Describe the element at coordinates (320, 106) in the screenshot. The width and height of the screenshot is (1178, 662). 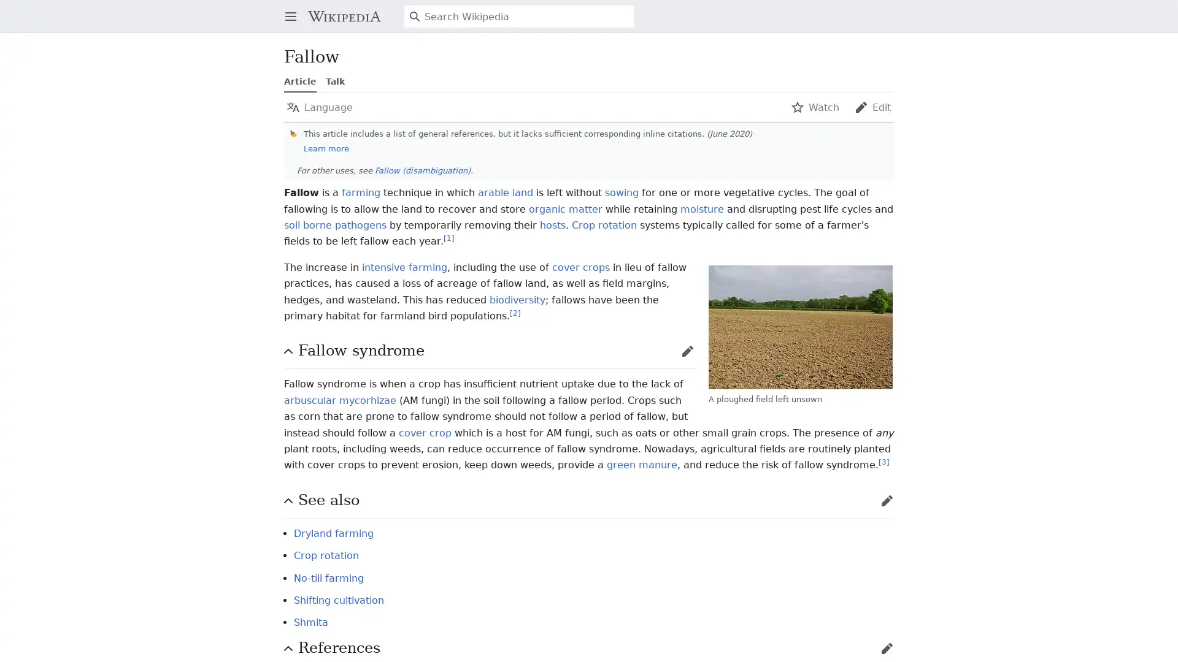
I see `Language` at that location.